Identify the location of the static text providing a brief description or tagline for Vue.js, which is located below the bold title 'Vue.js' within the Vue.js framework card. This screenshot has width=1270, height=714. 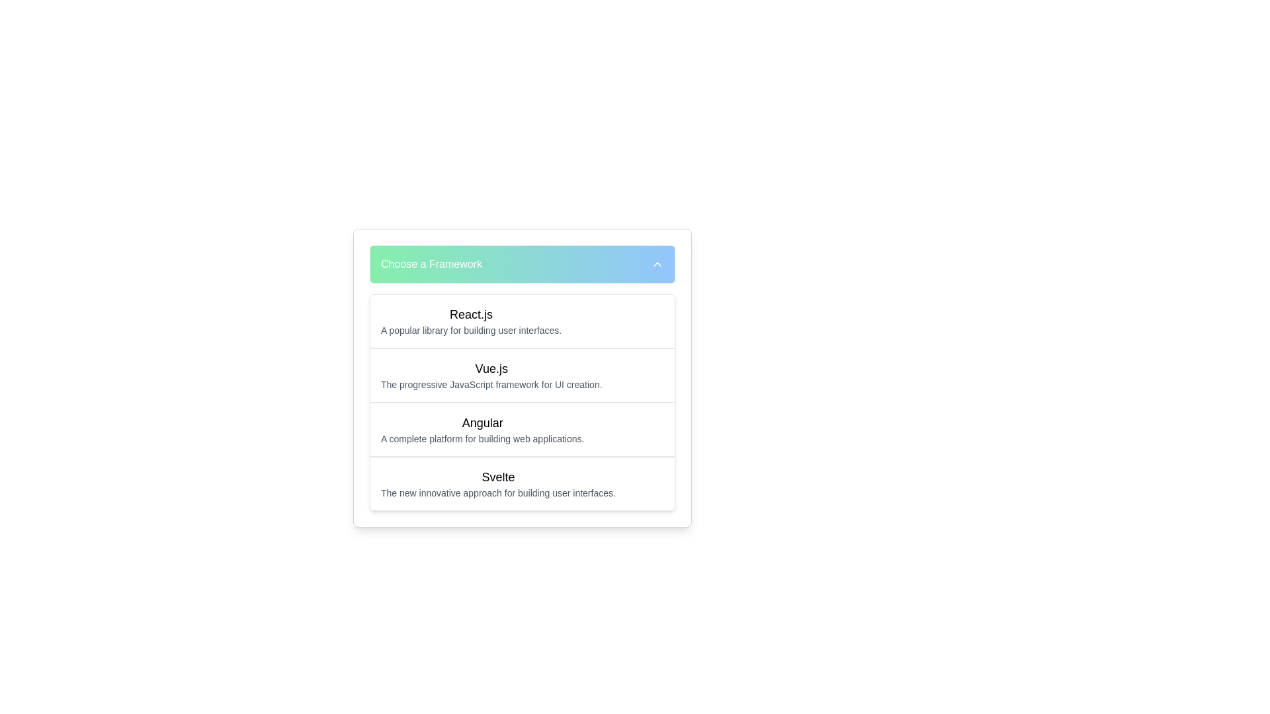
(491, 385).